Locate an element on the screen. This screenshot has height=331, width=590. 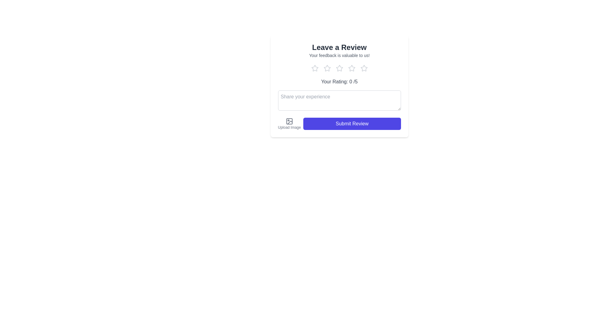
the product rating to 5 by clicking on the corresponding star is located at coordinates (364, 68).